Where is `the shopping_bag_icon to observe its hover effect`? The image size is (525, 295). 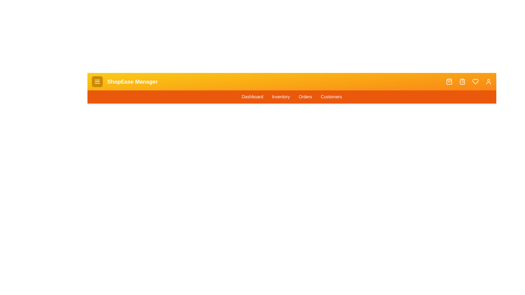 the shopping_bag_icon to observe its hover effect is located at coordinates (449, 82).